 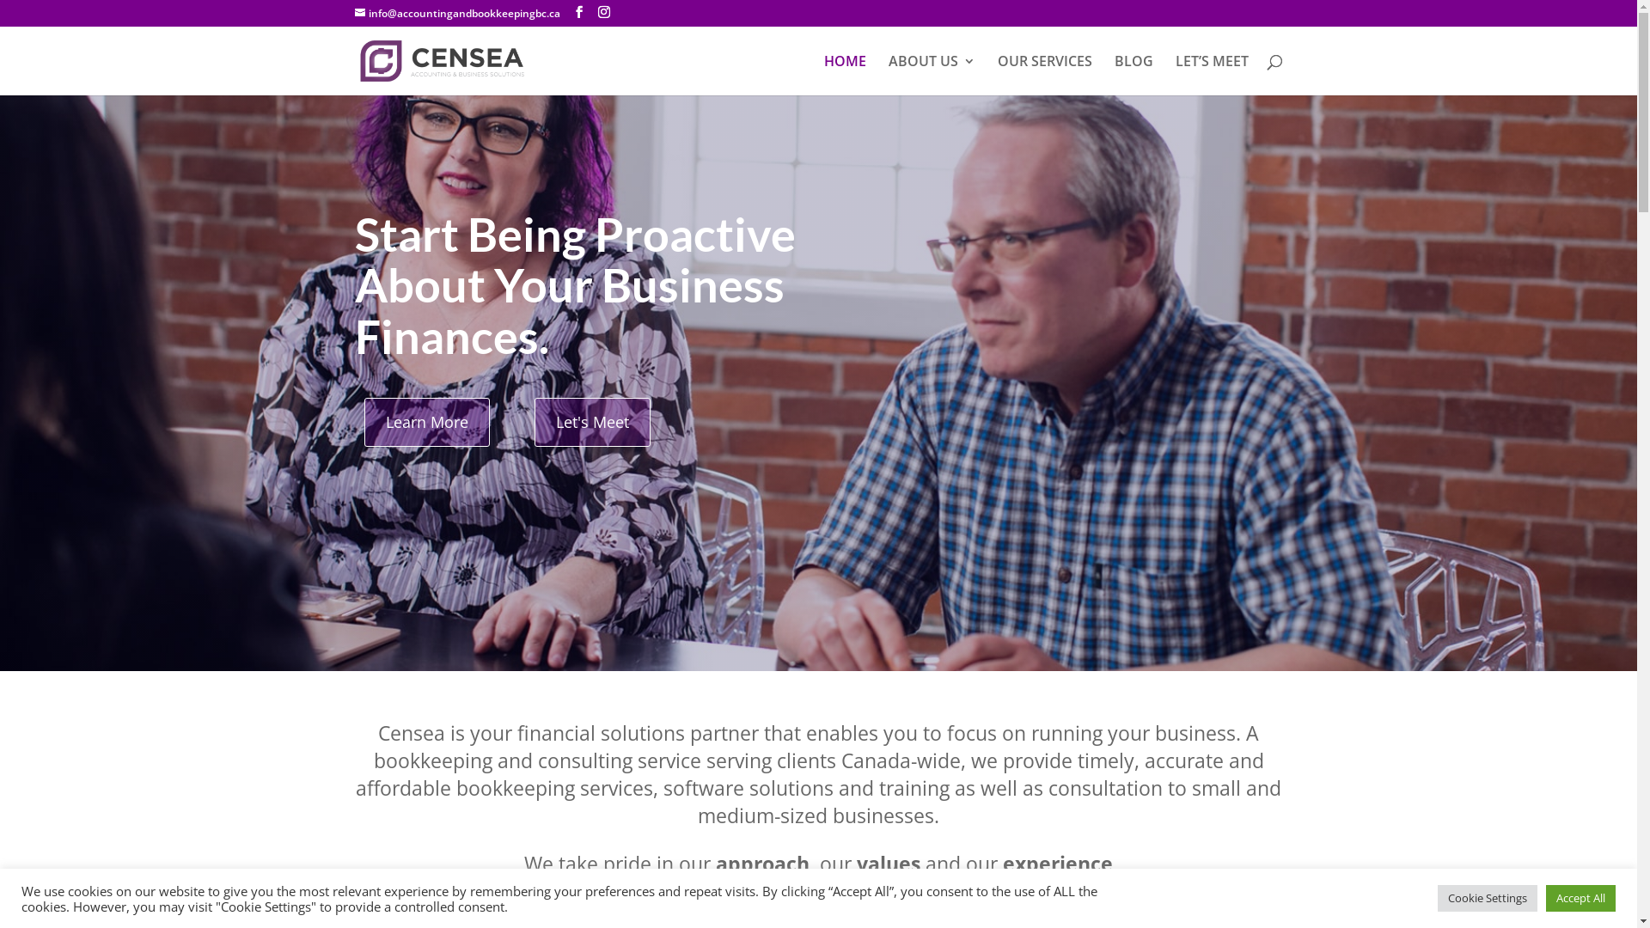 I want to click on 'BLOG', so click(x=1133, y=74).